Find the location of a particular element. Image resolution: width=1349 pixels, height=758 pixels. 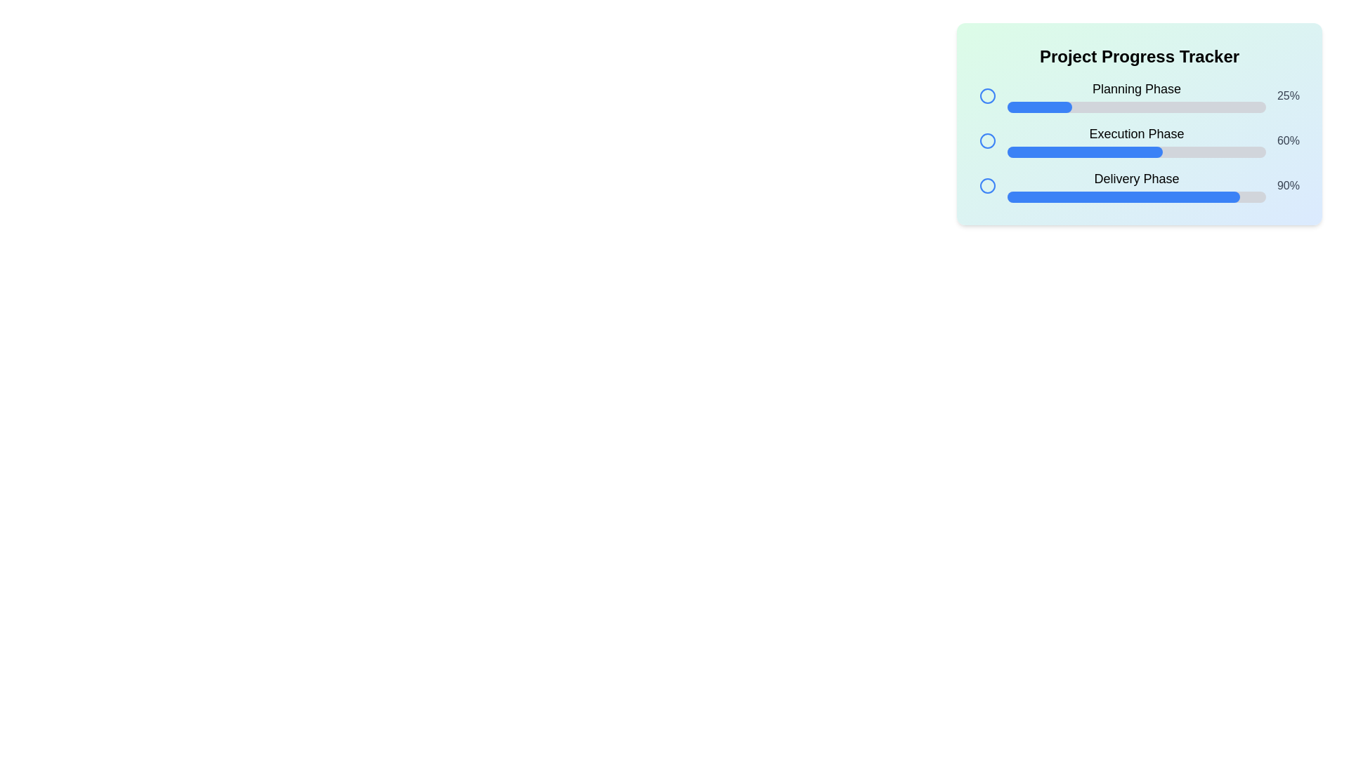

the progress percentage displayed in gray text next to the progress bar in the 'Planning Phase' section of the Progress tracker is located at coordinates (1140, 95).